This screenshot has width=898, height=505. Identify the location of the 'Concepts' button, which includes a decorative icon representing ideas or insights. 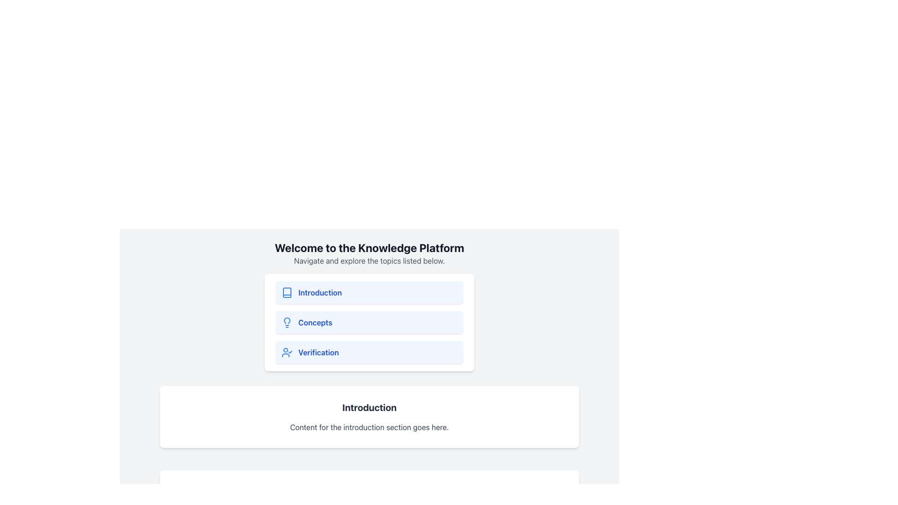
(287, 322).